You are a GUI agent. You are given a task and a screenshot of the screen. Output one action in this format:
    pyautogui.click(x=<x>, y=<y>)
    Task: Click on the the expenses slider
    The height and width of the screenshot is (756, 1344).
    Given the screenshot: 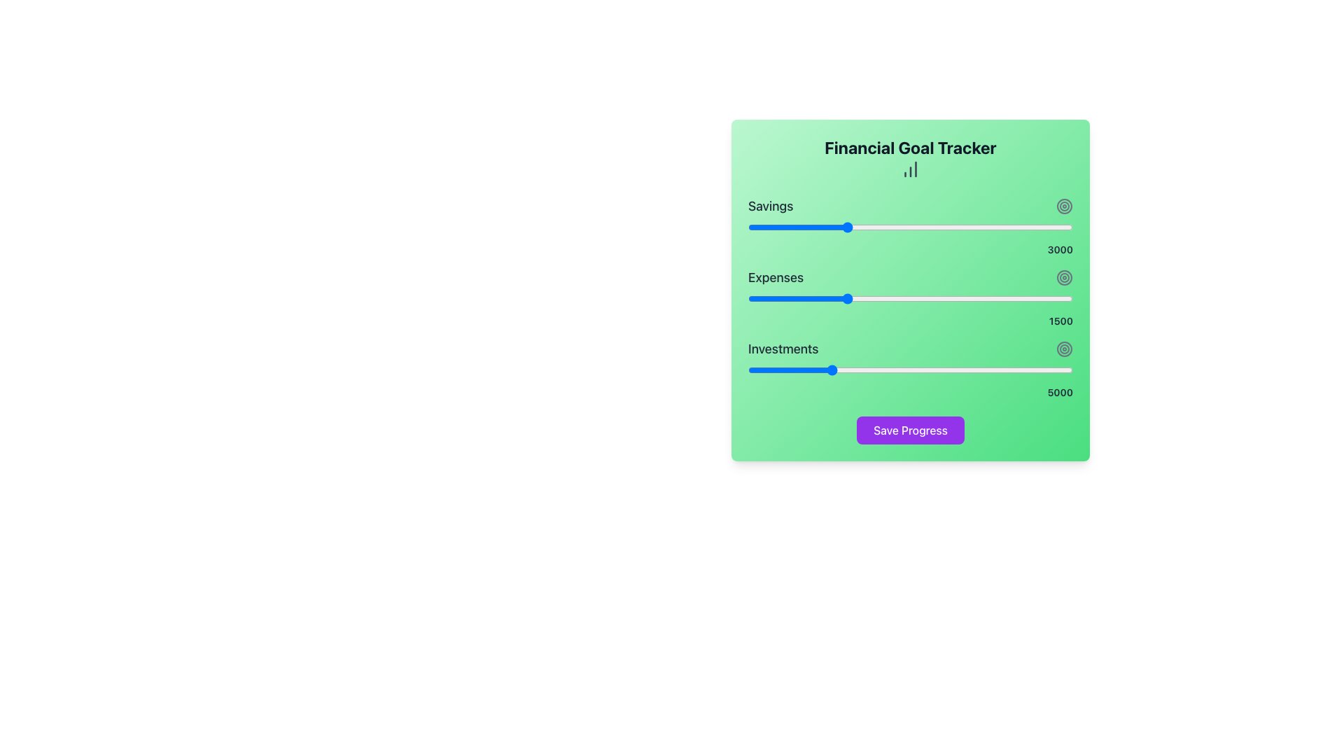 What is the action you would take?
    pyautogui.click(x=749, y=298)
    